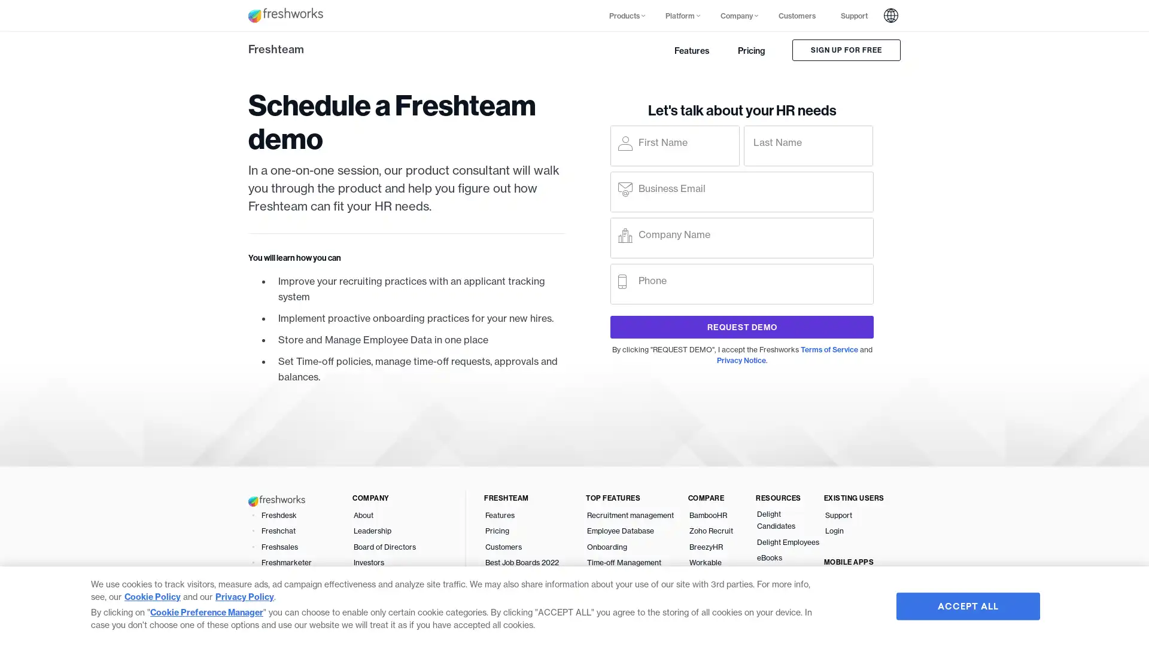  Describe the element at coordinates (856, 561) in the screenshot. I see `MOBILE APPS` at that location.